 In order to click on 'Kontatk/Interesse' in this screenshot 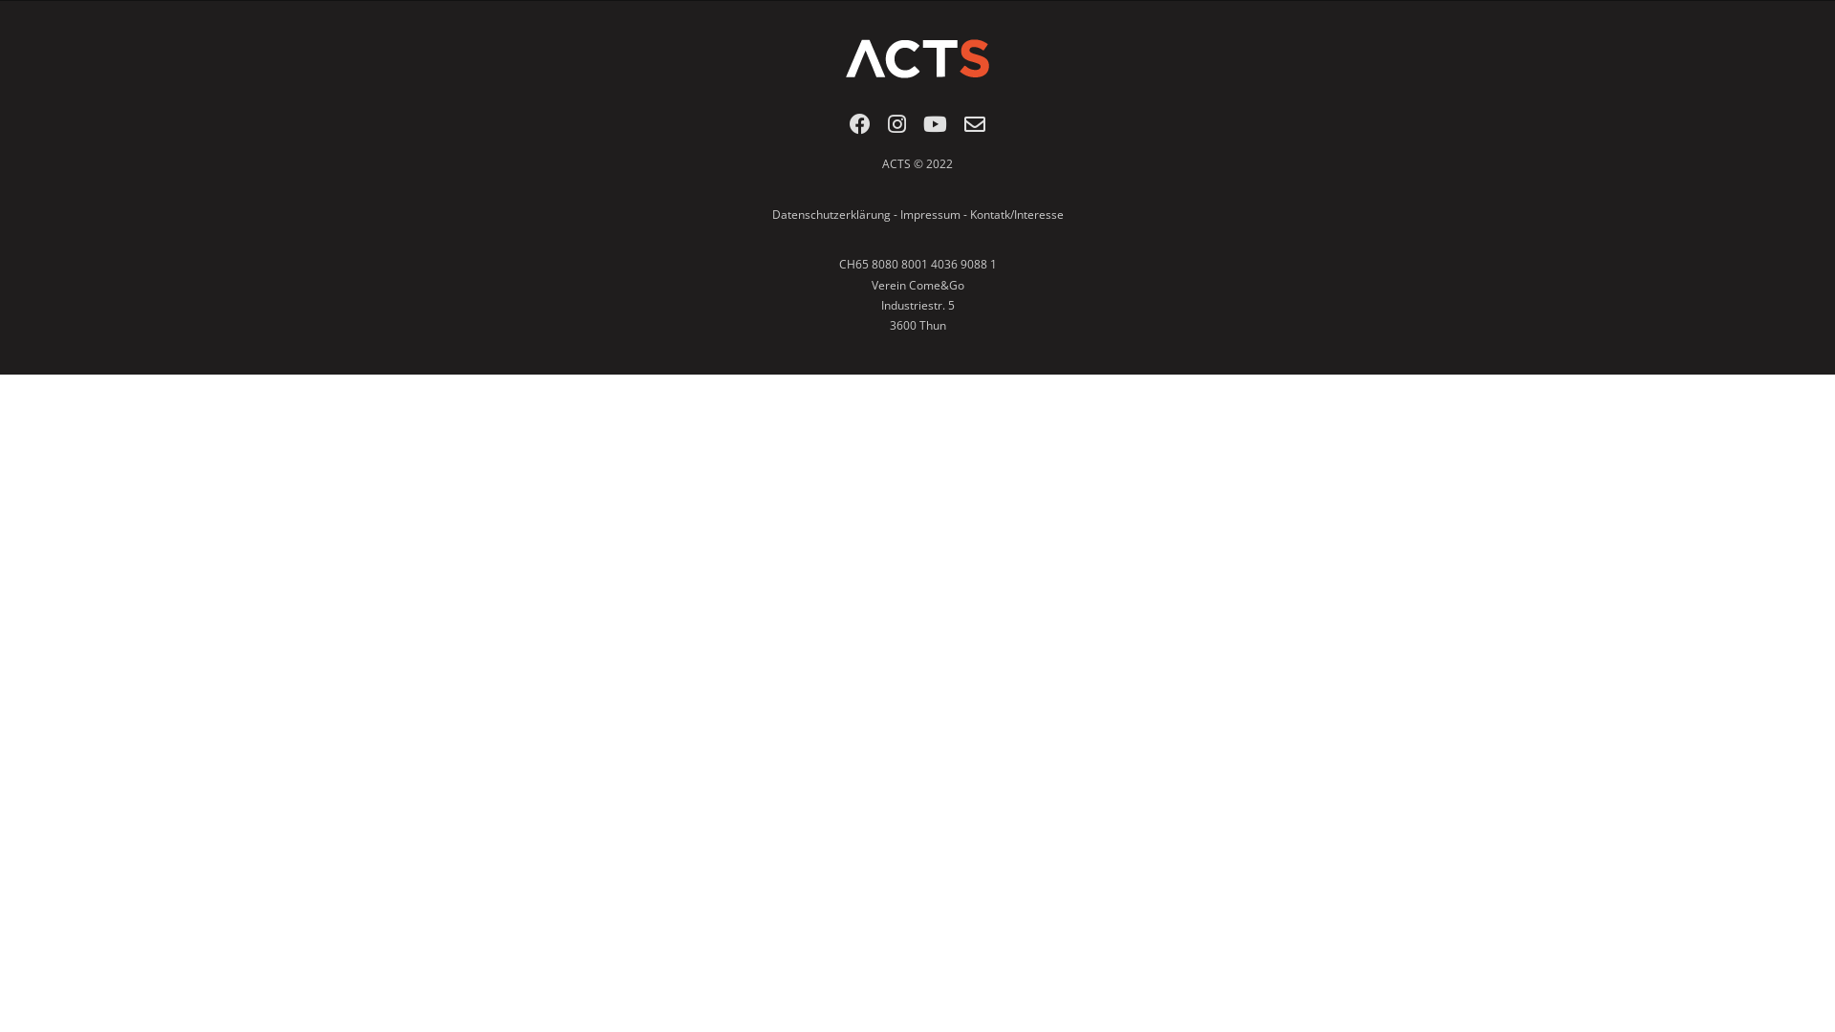, I will do `click(1014, 214)`.